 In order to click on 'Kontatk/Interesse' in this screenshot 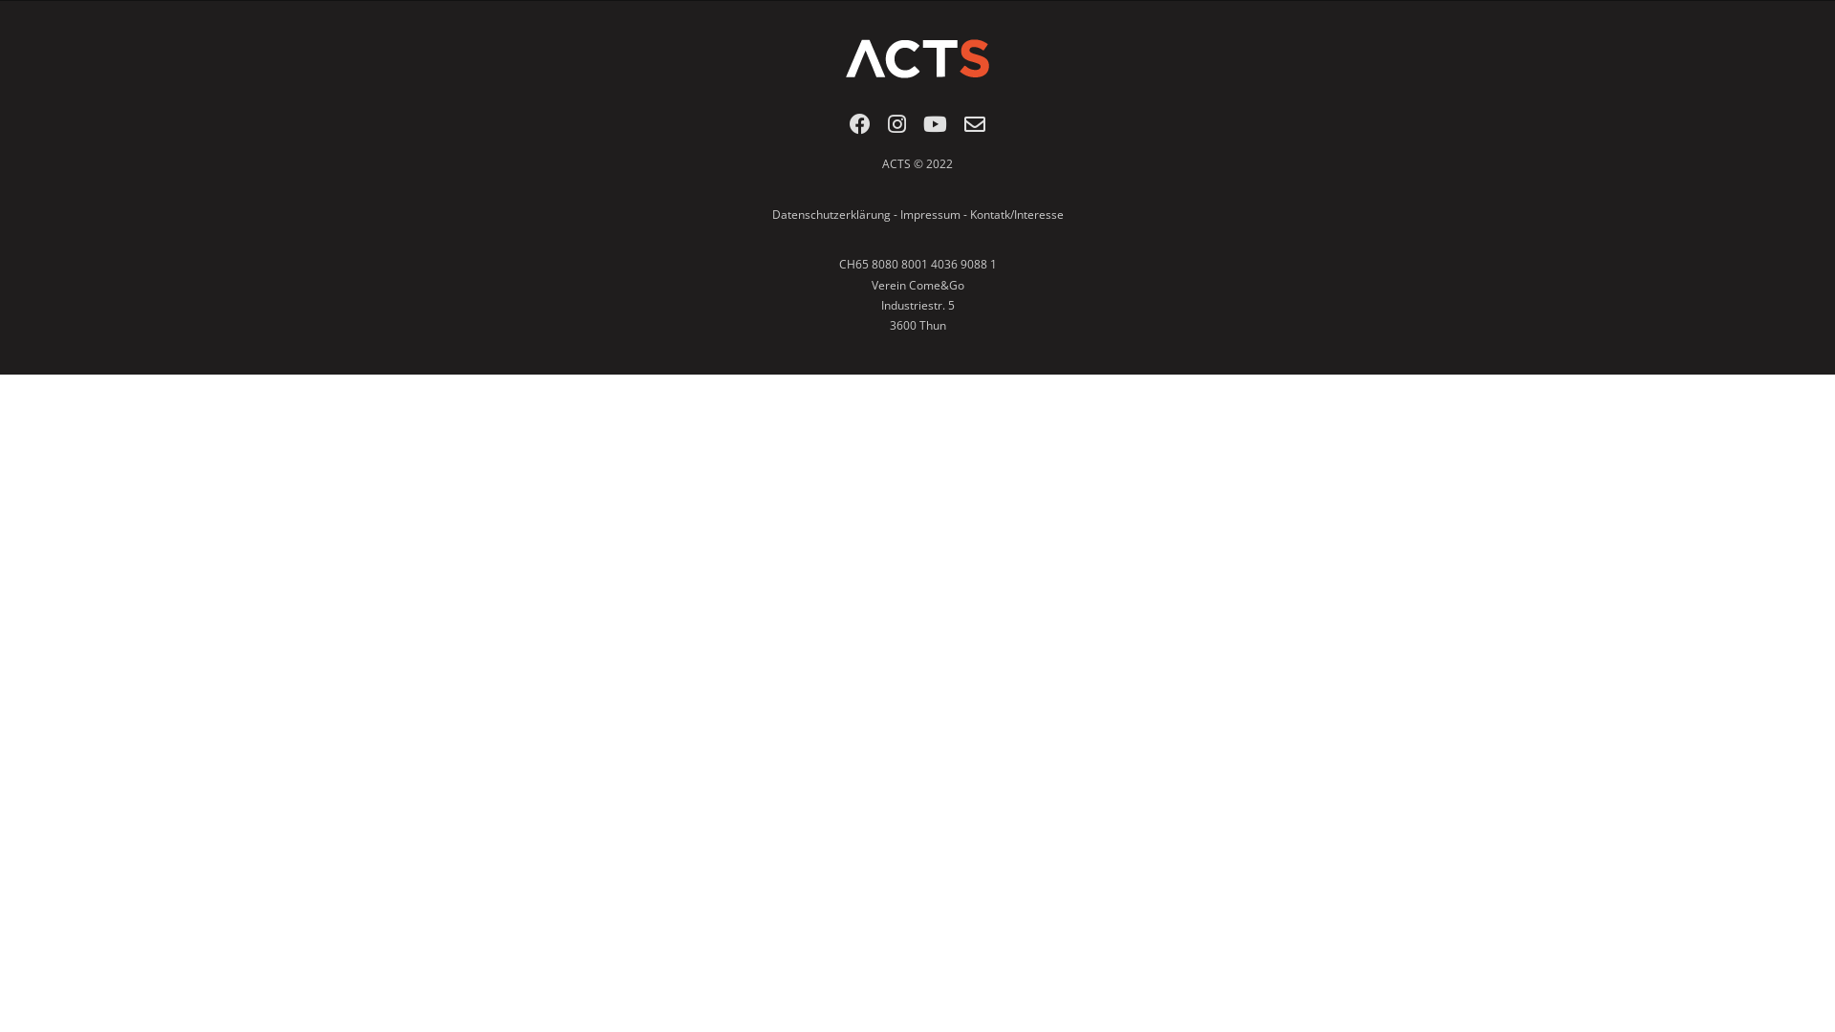, I will do `click(1014, 214)`.